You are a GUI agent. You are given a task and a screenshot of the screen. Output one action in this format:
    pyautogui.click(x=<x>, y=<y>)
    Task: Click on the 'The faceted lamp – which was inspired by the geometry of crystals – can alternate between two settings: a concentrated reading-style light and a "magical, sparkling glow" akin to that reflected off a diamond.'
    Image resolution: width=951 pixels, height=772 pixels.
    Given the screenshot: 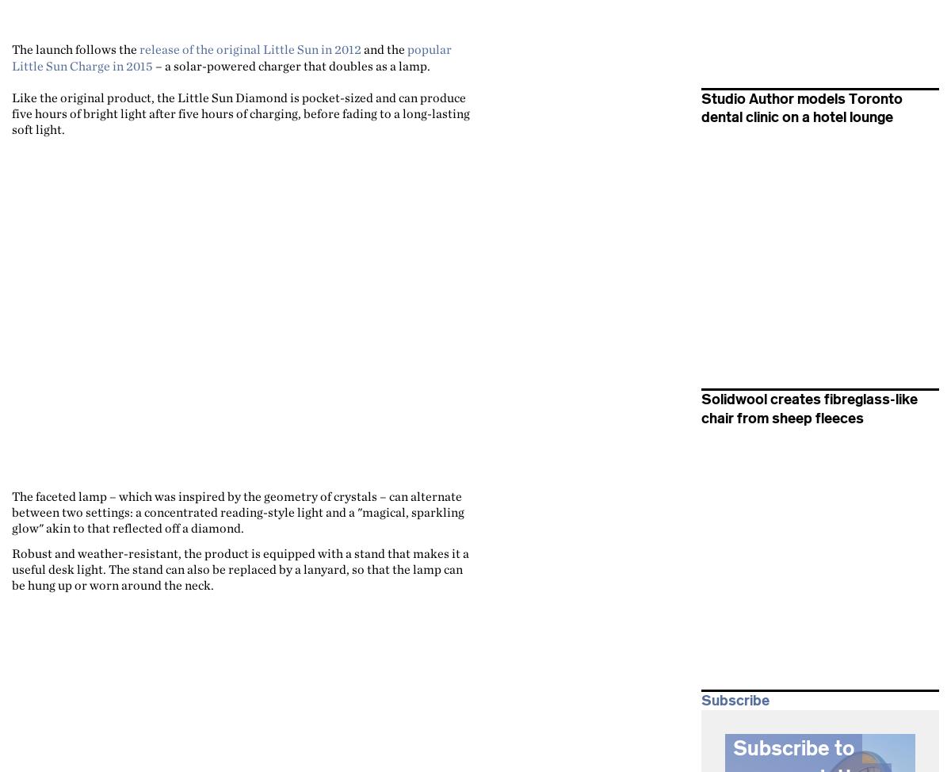 What is the action you would take?
    pyautogui.click(x=238, y=510)
    